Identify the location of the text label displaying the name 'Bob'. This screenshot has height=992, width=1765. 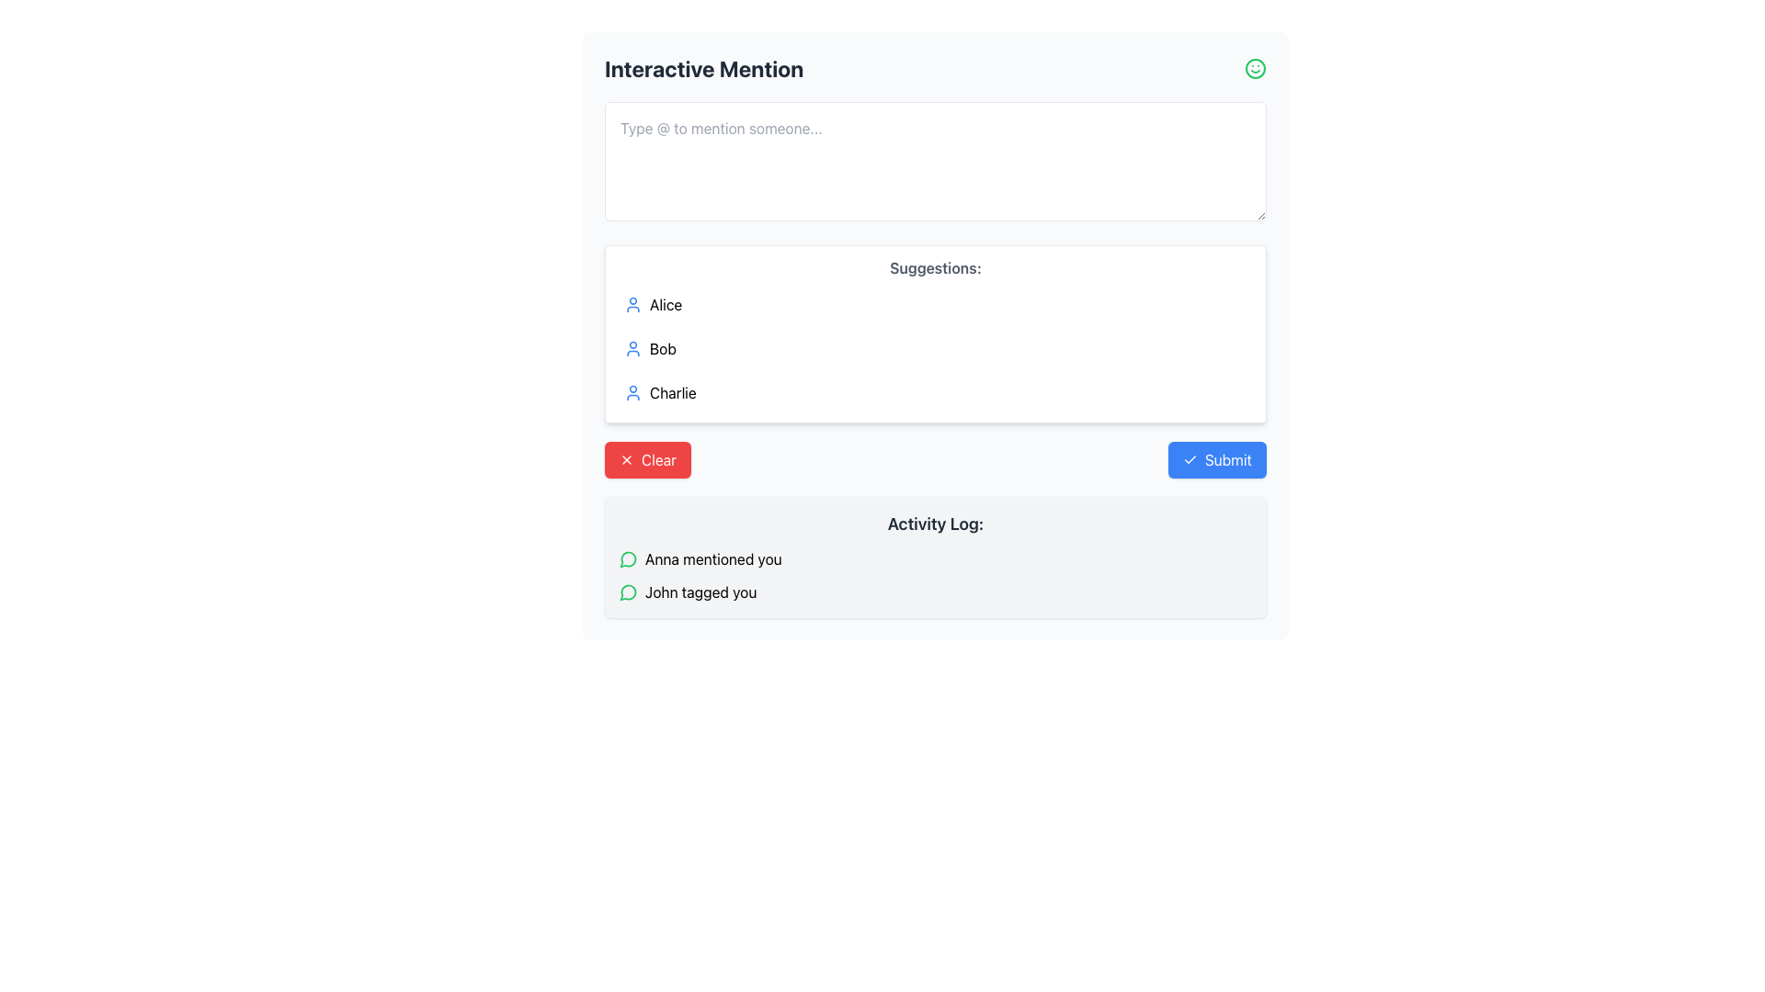
(662, 349).